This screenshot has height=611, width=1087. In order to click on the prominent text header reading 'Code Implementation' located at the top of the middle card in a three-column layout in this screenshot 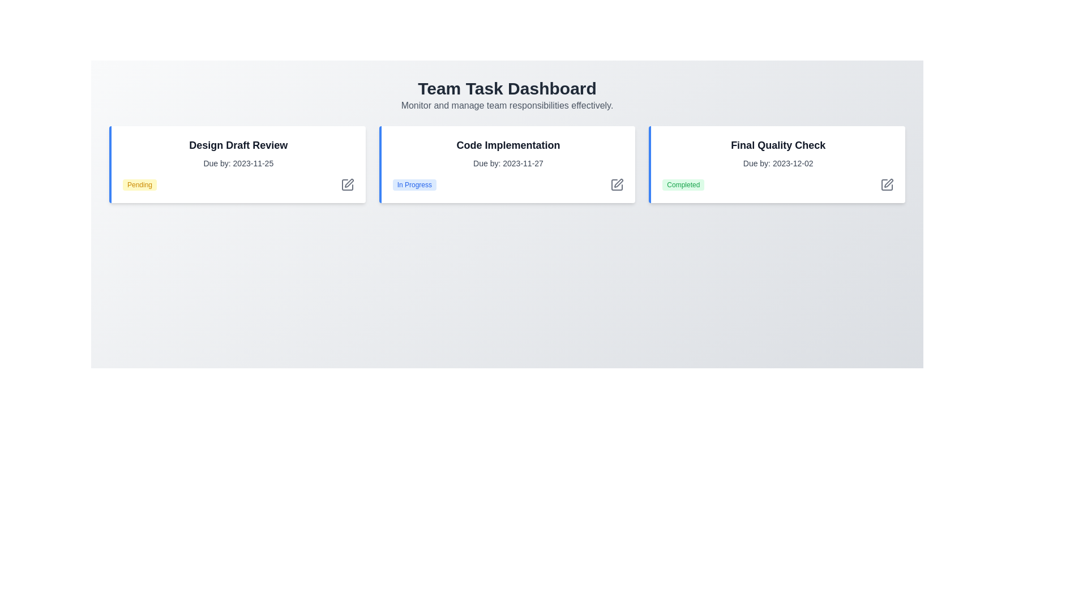, I will do `click(507, 145)`.